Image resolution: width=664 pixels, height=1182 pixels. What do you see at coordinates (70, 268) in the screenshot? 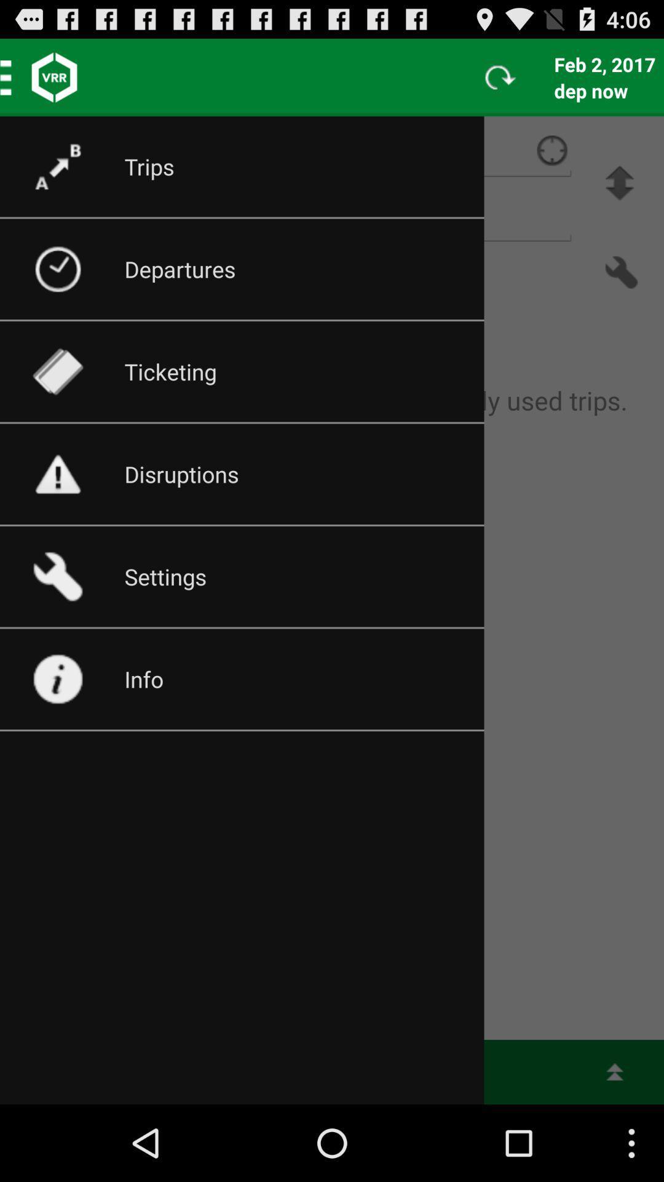
I see `the departures icon at the left side of the page` at bounding box center [70, 268].